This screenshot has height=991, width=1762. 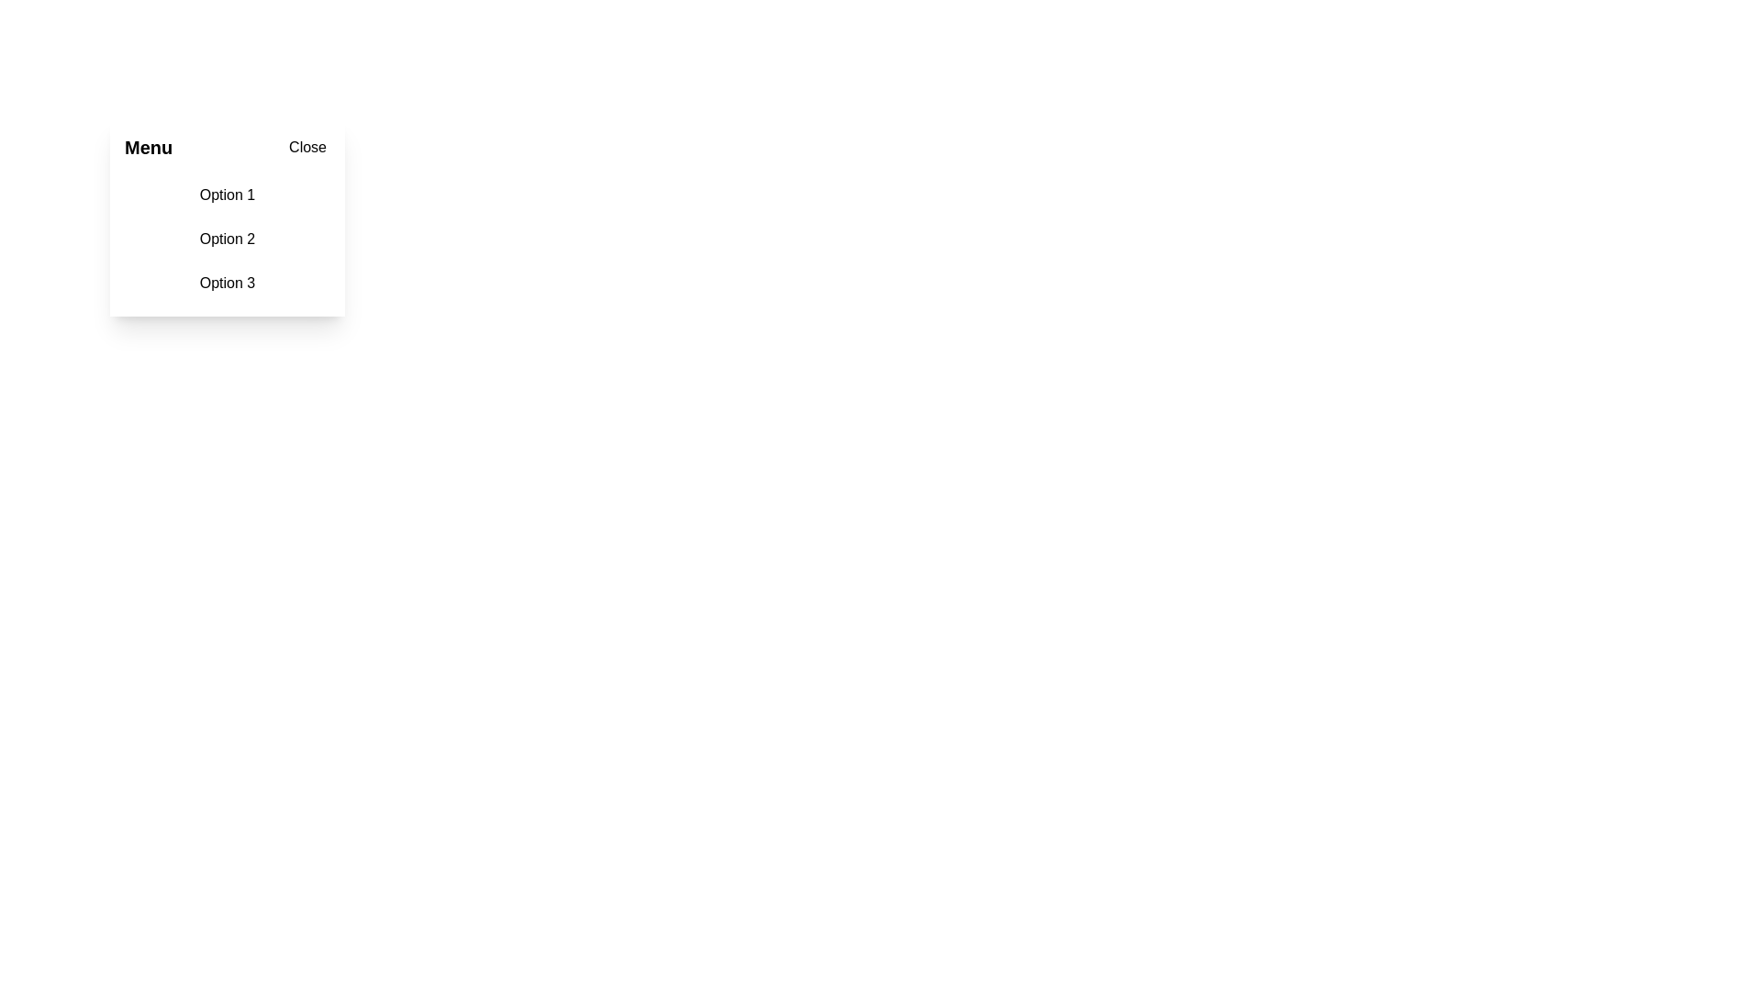 What do you see at coordinates (227, 195) in the screenshot?
I see `the first option in the menu list, which is currently styled as a non-interactive Text Label but may trigger a selection action when enabled` at bounding box center [227, 195].